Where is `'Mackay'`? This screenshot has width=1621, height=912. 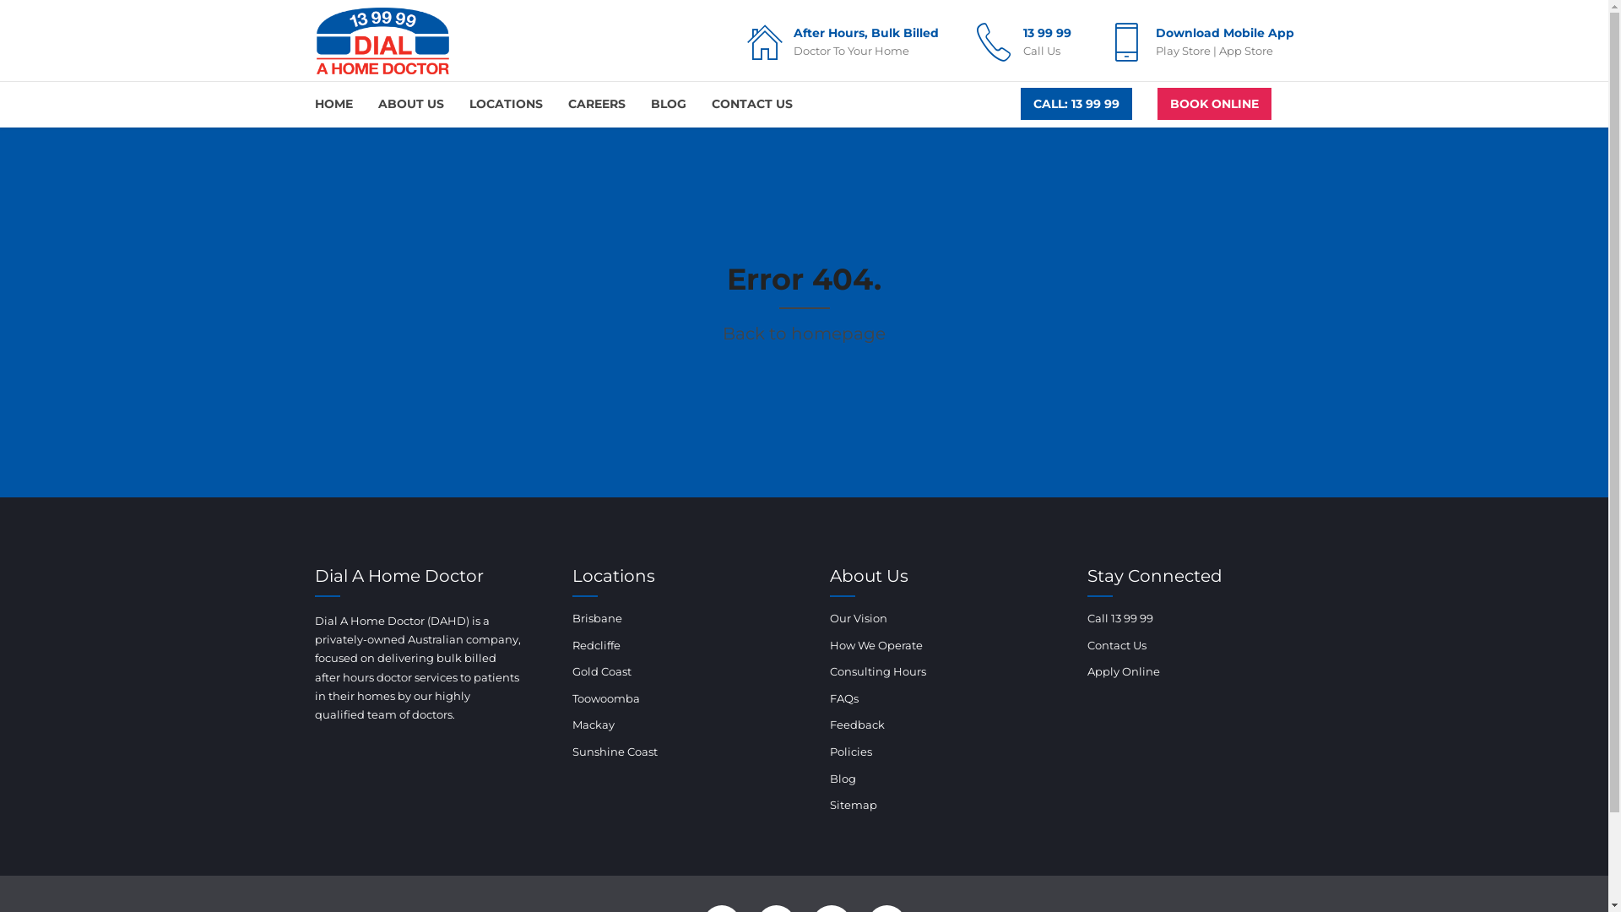
'Mackay' is located at coordinates (593, 723).